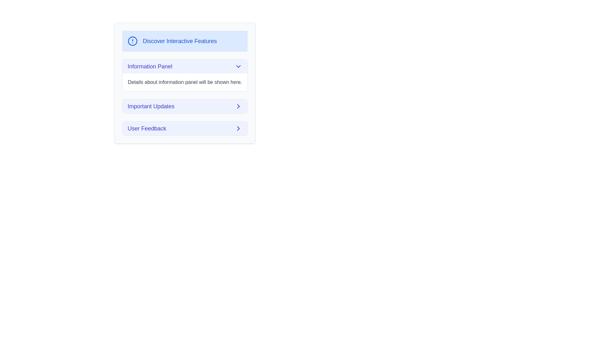 The height and width of the screenshot is (342, 608). What do you see at coordinates (238, 106) in the screenshot?
I see `the right-facing chevron icon, which is styled in purple and located to the right of the 'Important Updates' text label` at bounding box center [238, 106].